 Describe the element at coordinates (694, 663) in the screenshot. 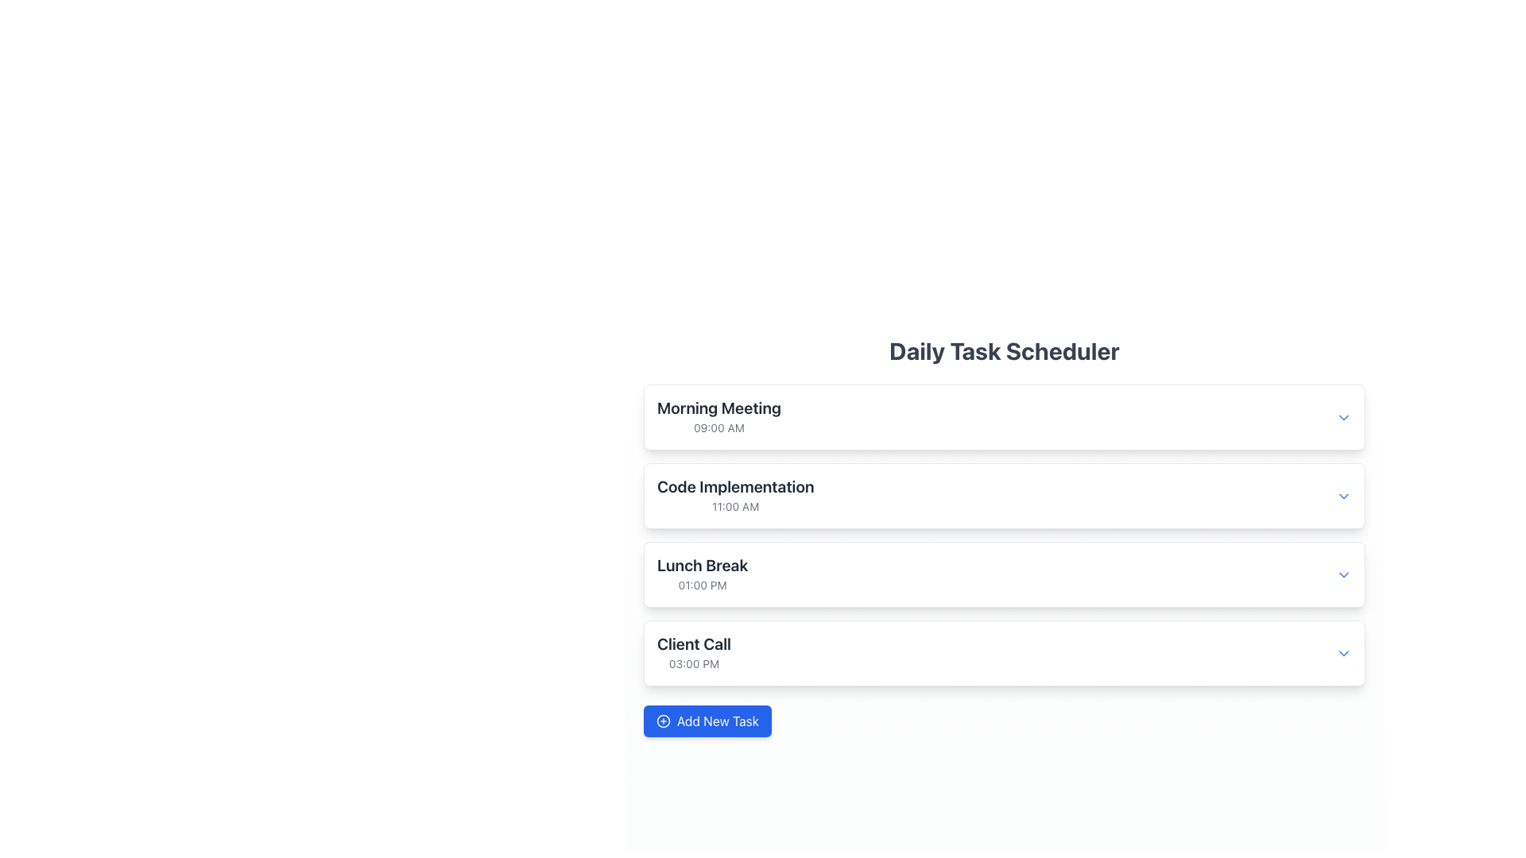

I see `text displayed in the text label that shows the scheduled time for the 'Client Call' task, located in the fourth card of the task list under the title 'Client Call'` at that location.